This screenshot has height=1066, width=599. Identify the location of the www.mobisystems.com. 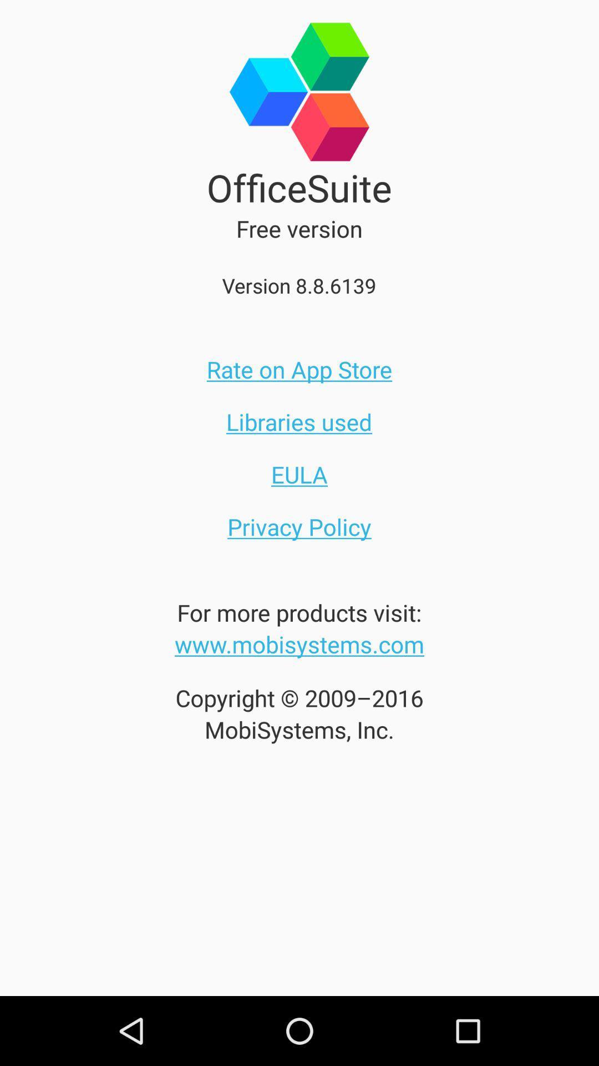
(299, 644).